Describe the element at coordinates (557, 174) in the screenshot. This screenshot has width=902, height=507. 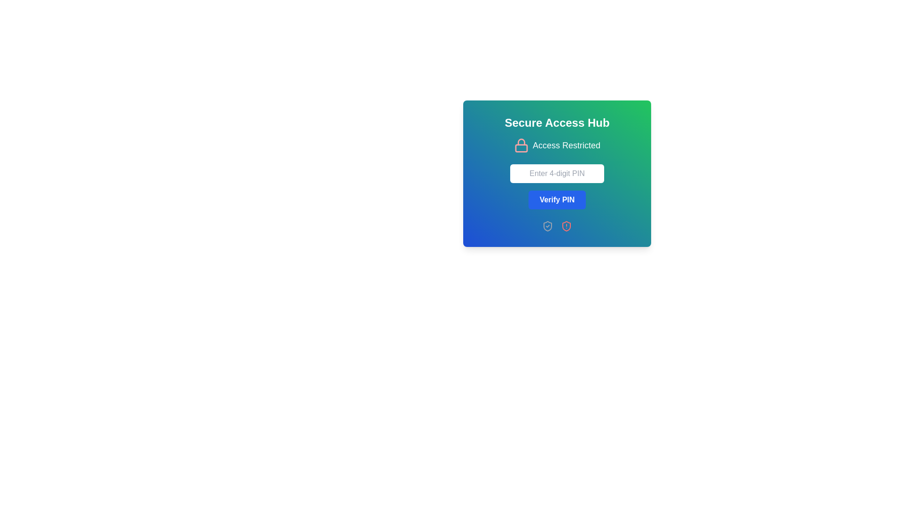
I see `the Password Input Field styled with a light rectangular shape, which contains the placeholder text 'Enter 4-digit PIN'` at that location.